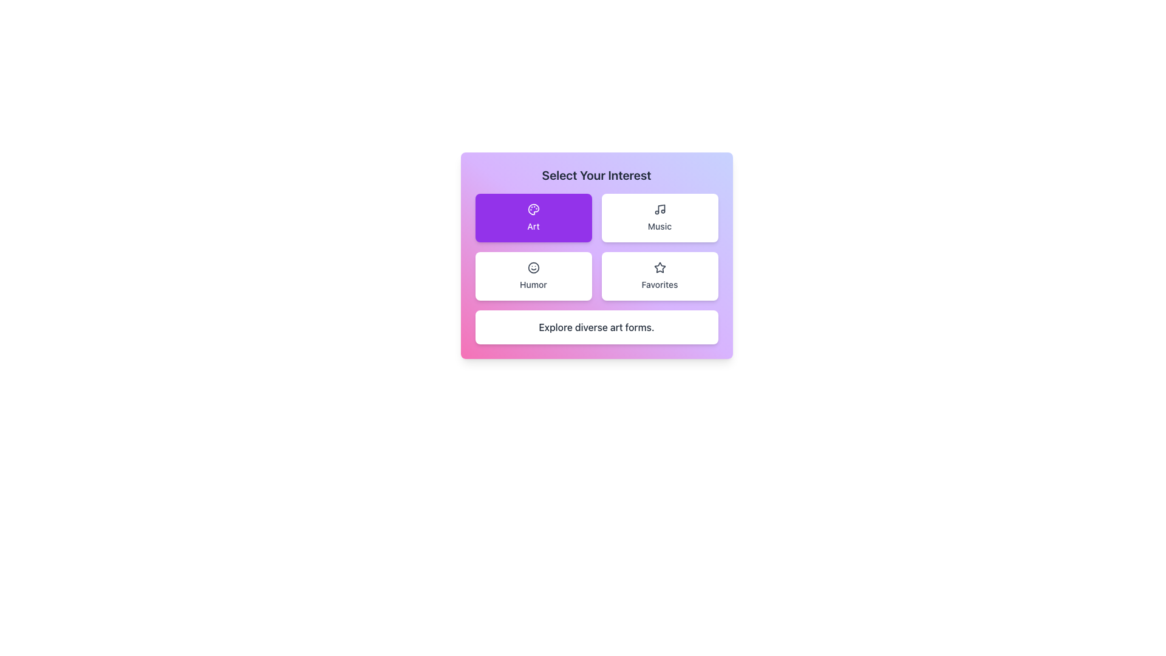 This screenshot has width=1166, height=656. What do you see at coordinates (659, 227) in the screenshot?
I see `the 'Music' text label which is displayed in a small font size and medium weight, styled in gray on a white background, located at the lower portion of the interactive card labeled 'Music'` at bounding box center [659, 227].